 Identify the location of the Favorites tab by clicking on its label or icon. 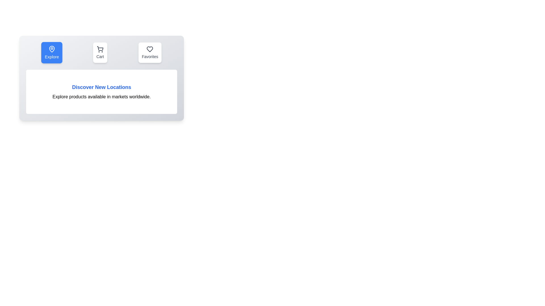
(150, 52).